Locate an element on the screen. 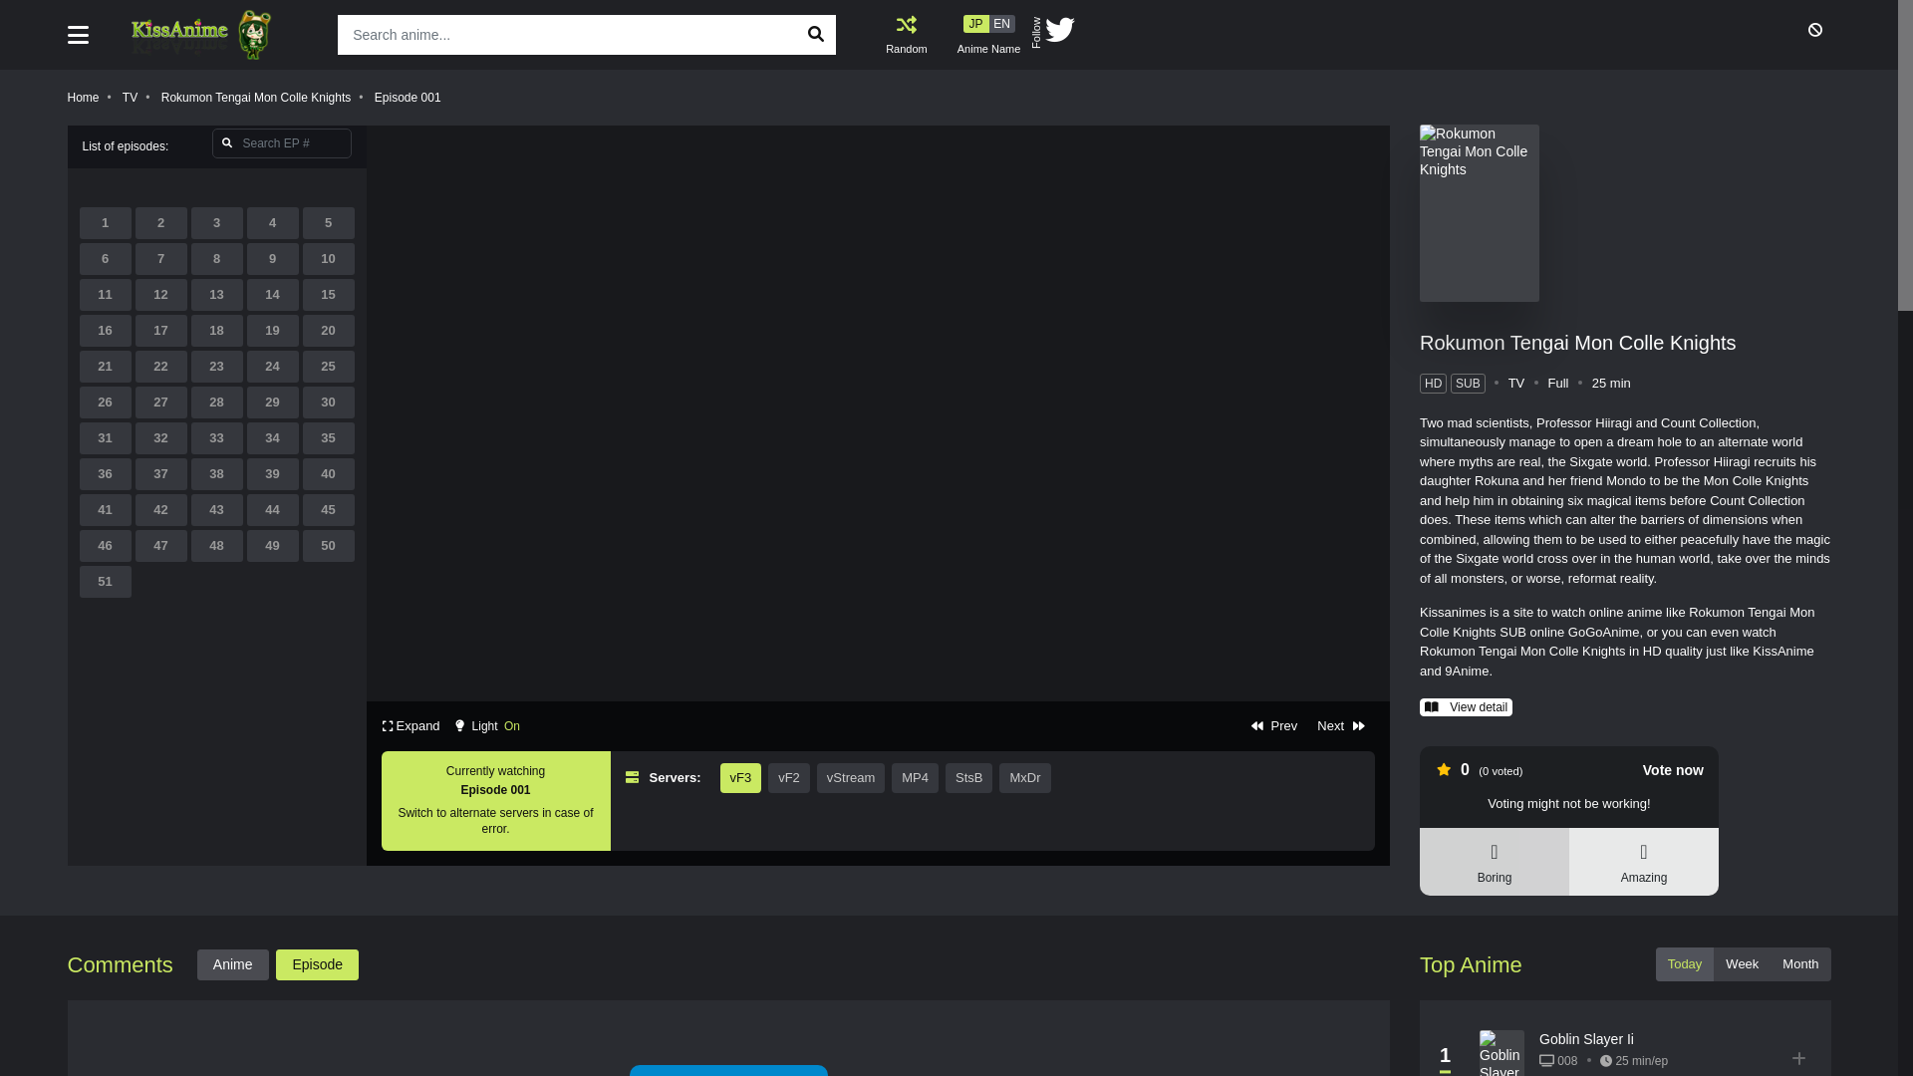 The width and height of the screenshot is (1913, 1076). 'Today' is located at coordinates (1684, 963).